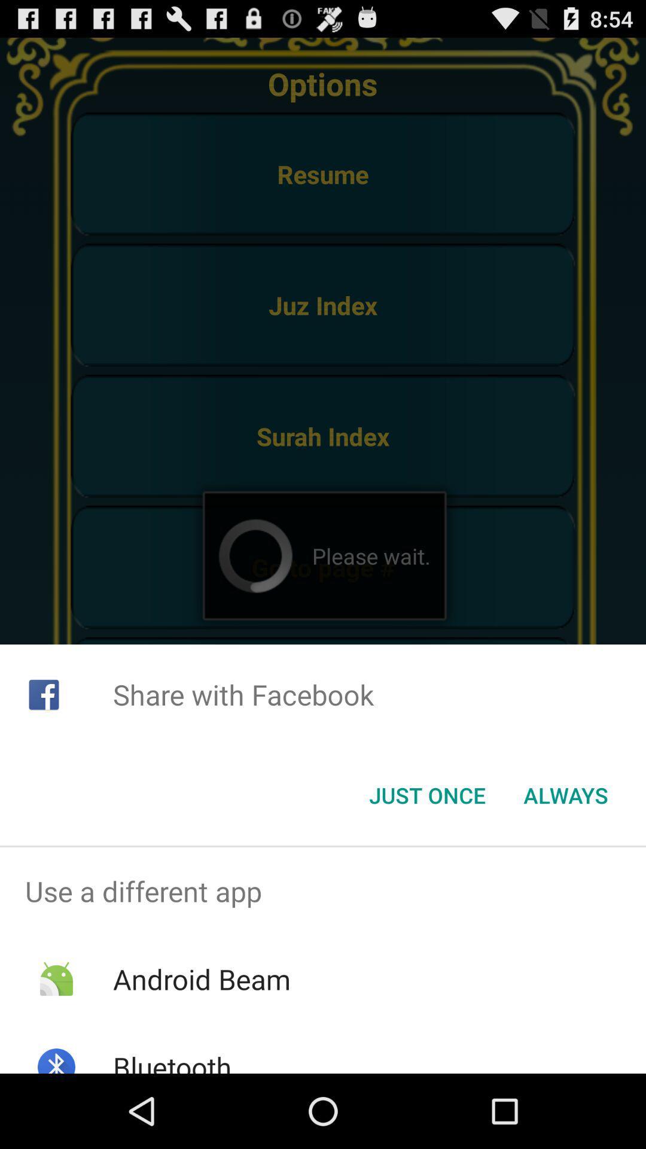  What do you see at coordinates (201, 979) in the screenshot?
I see `item above the bluetooth app` at bounding box center [201, 979].